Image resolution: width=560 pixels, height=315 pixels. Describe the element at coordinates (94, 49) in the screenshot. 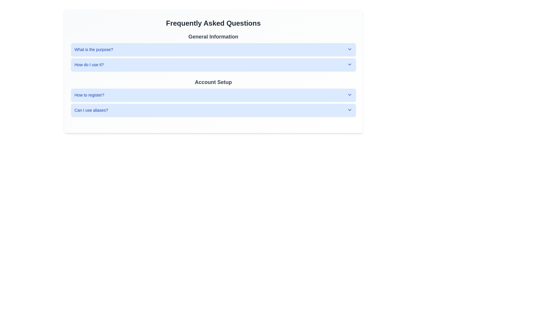

I see `text of the header question in the collapsible FAQ entry located at the top of the 'General Information' section, identifiable as the first question above 'How do I use it?'` at that location.